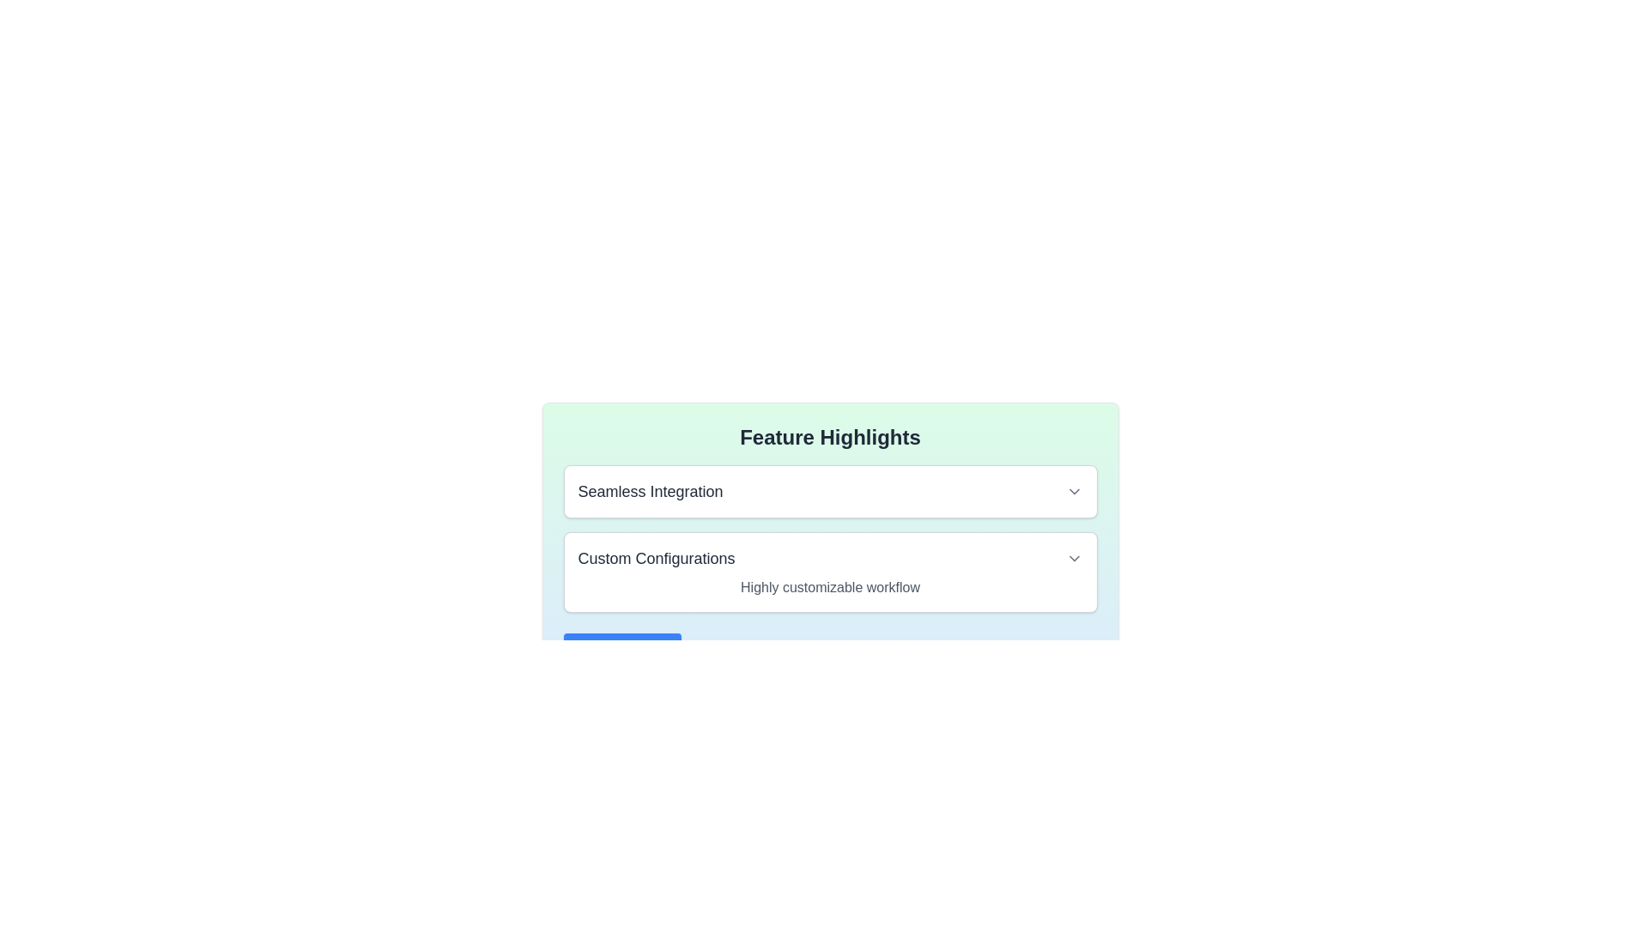 The height and width of the screenshot is (927, 1648). Describe the element at coordinates (650, 492) in the screenshot. I see `the 'Seamless Integration' heading or label, which is styled in large bold dark gray text and located in the 'Feature Highlights' section near the top-center of the interface` at that location.